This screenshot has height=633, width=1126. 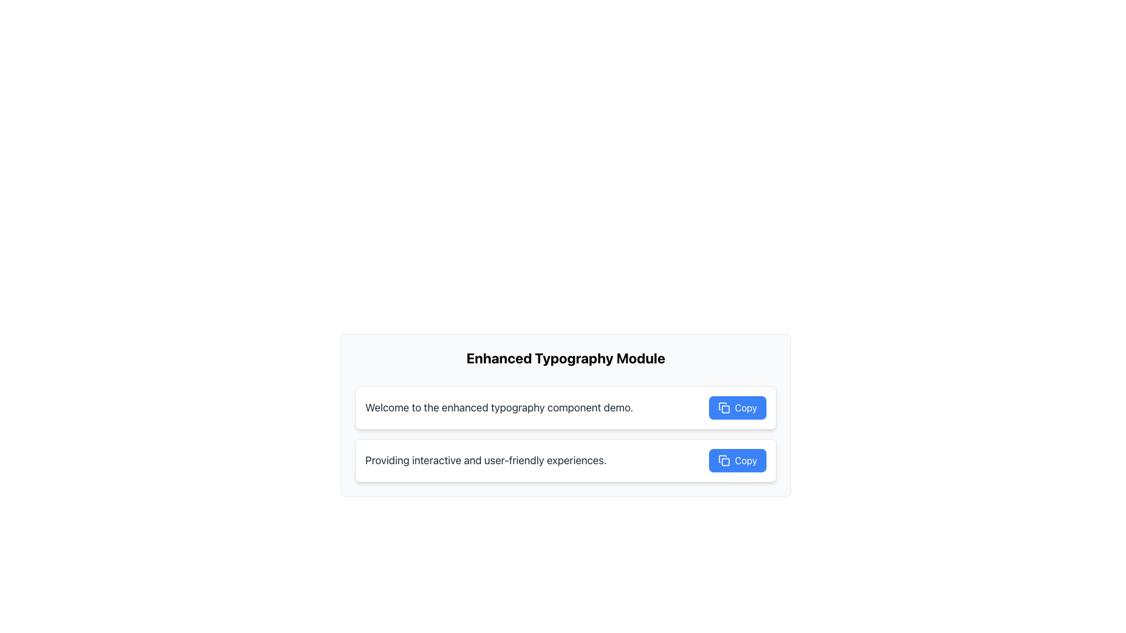 I want to click on the document copy icon embedded within the rectangular blue button labeled 'Copy', which is positioned to the right of the text 'Welcome to the enhanced typography component demo.', so click(x=724, y=407).